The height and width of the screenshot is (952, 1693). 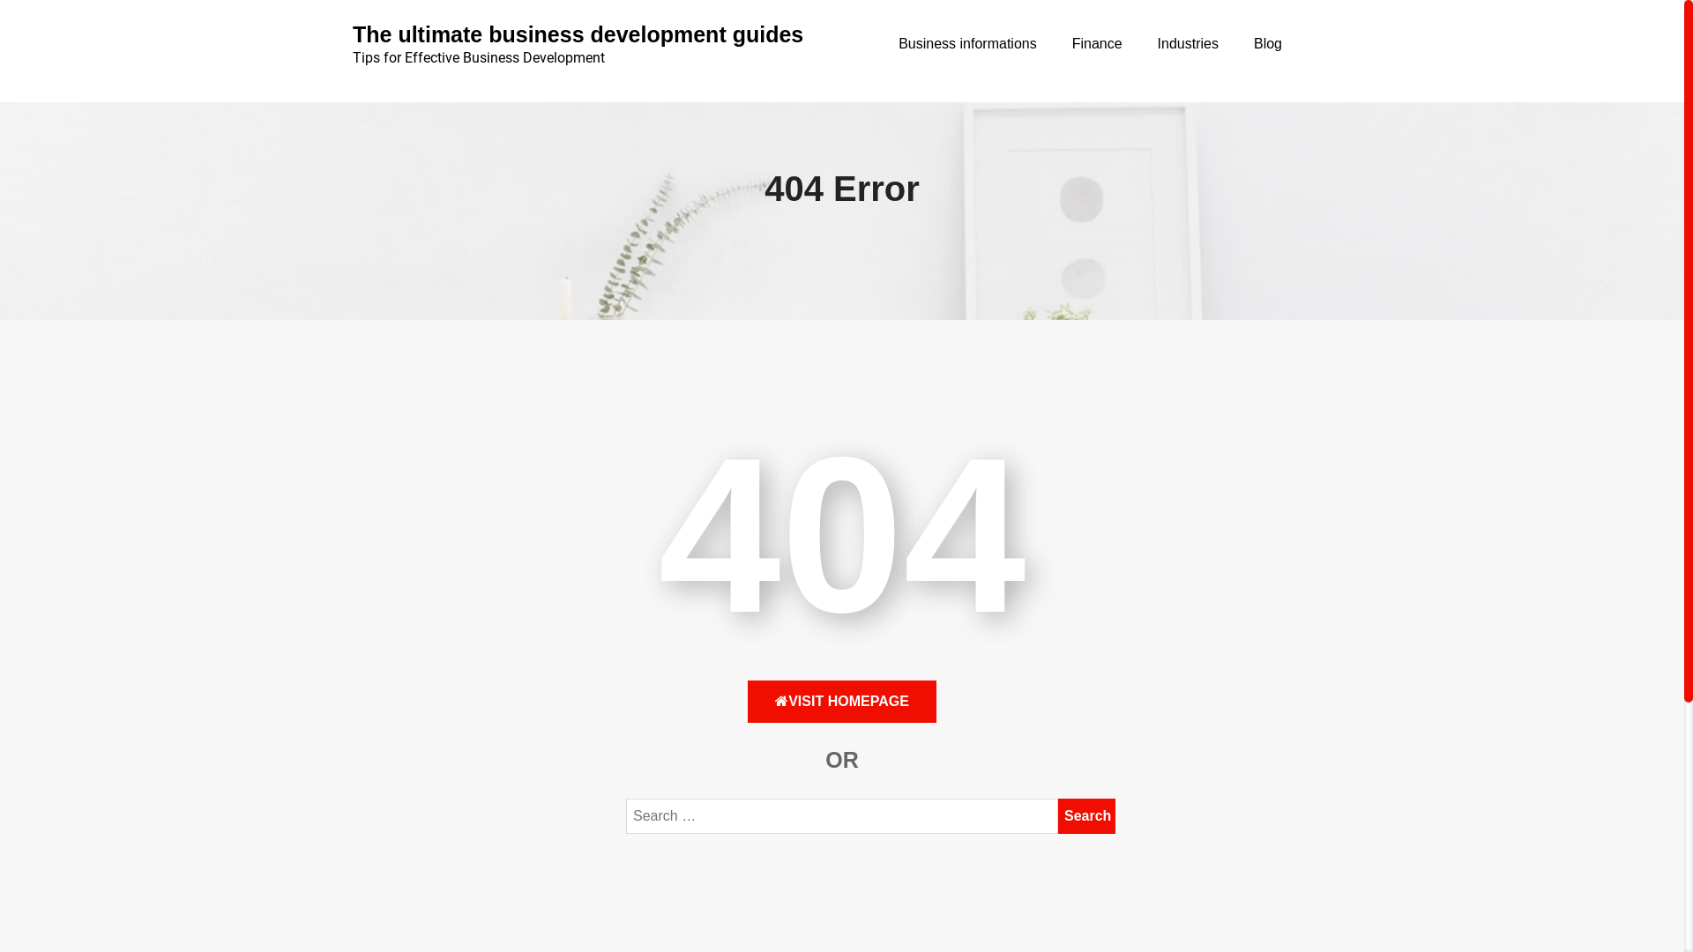 What do you see at coordinates (1085, 815) in the screenshot?
I see `'Search'` at bounding box center [1085, 815].